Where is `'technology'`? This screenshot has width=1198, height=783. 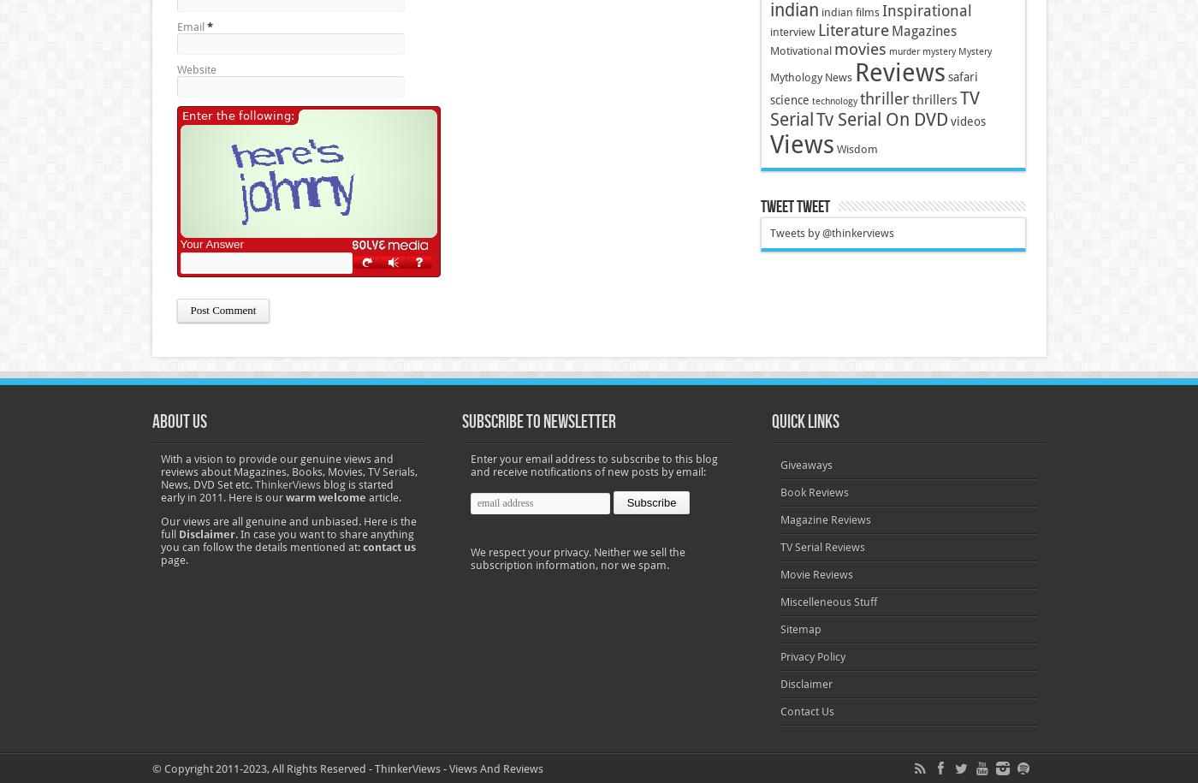
'technology' is located at coordinates (833, 101).